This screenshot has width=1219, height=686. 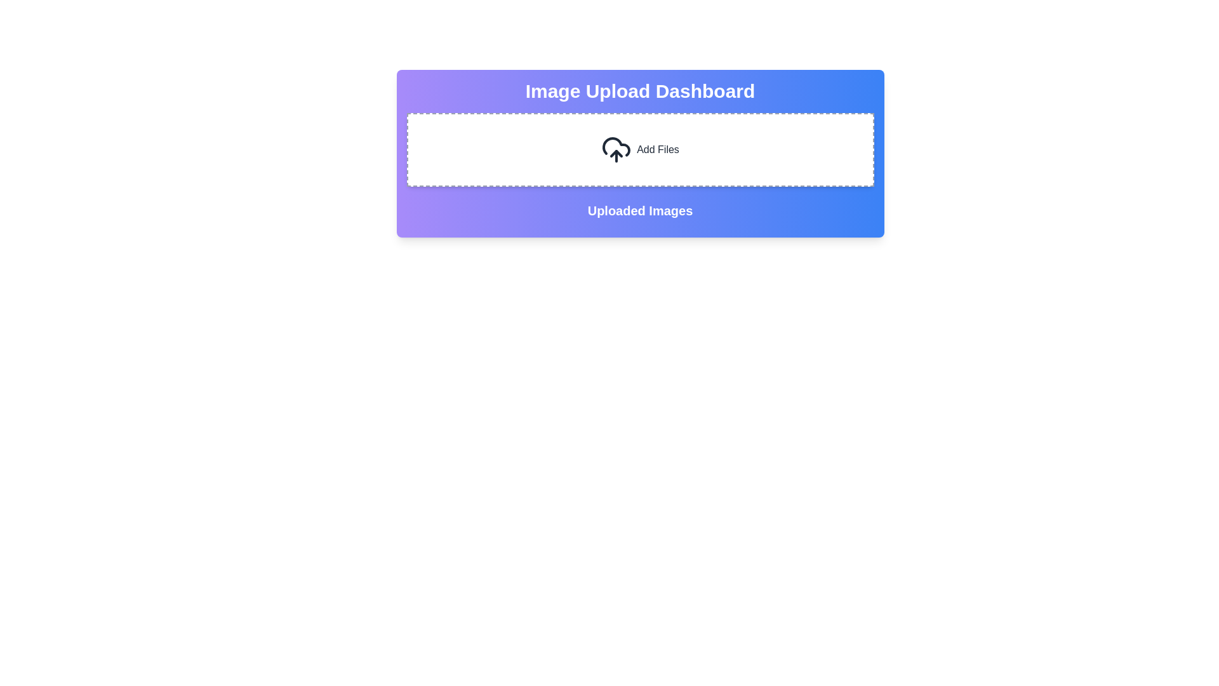 I want to click on the interactive file upload area located between 'Image Upload Dashboard' and 'Uploaded Images', so click(x=640, y=149).